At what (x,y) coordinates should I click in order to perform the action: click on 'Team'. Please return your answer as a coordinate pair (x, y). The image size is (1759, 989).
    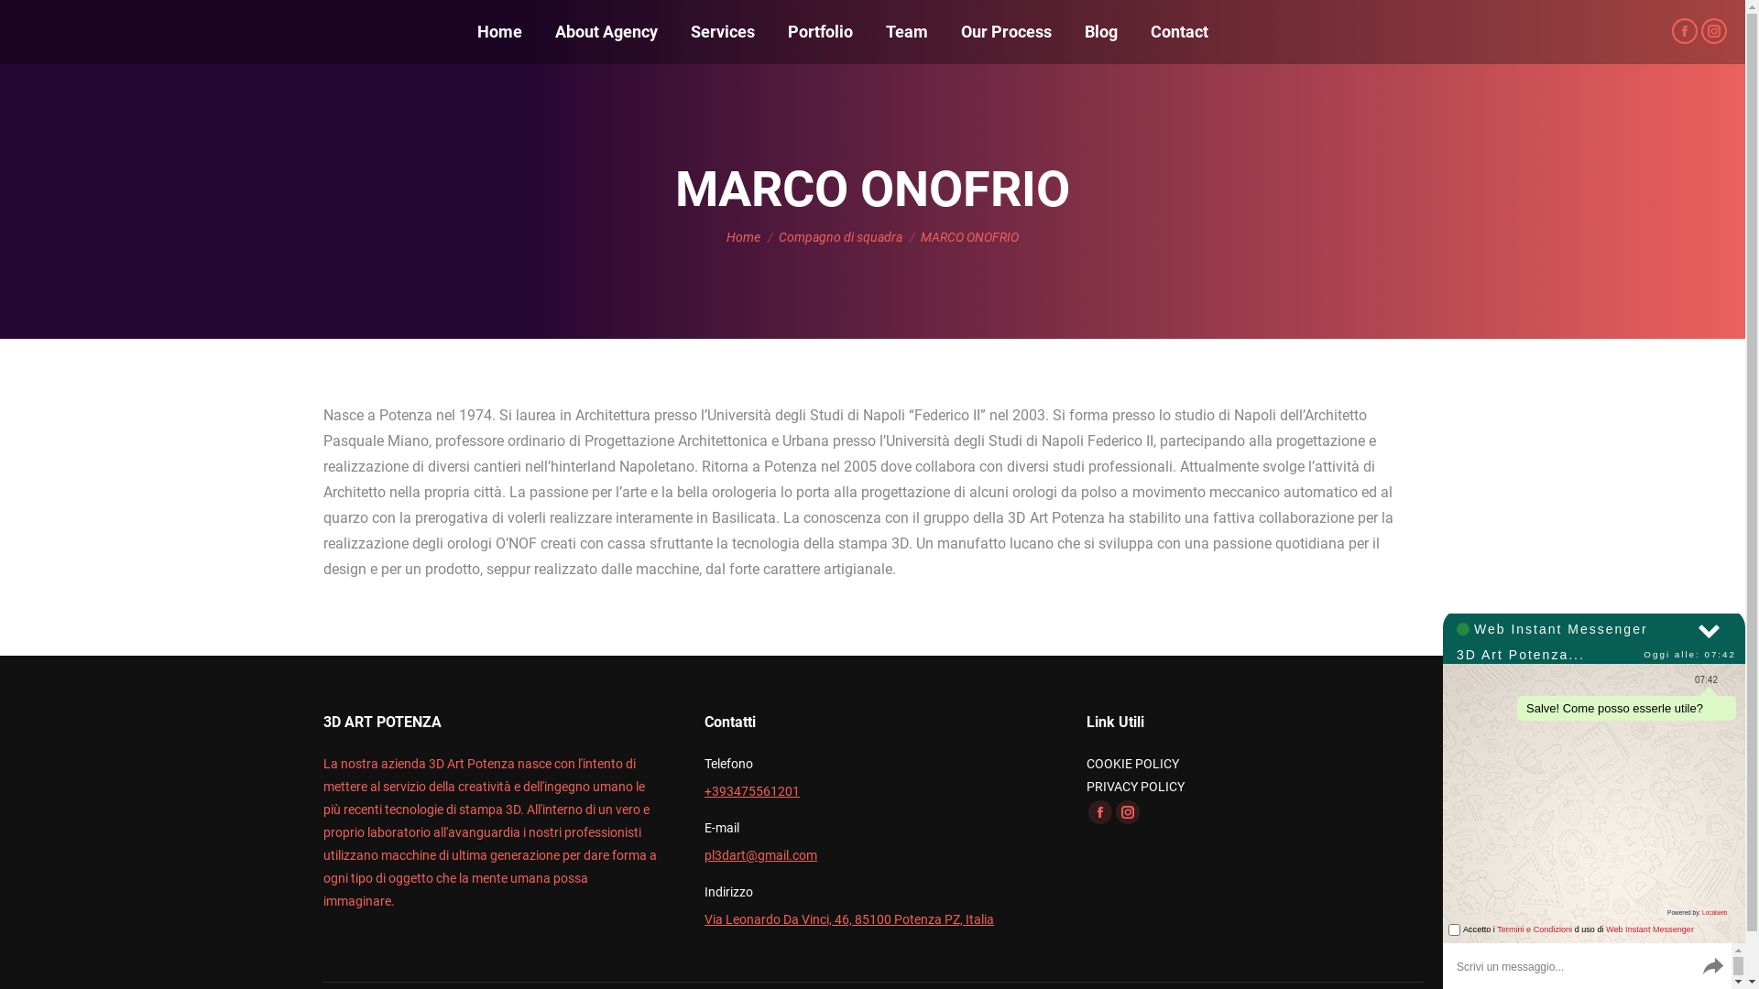
    Looking at the image, I should click on (882, 31).